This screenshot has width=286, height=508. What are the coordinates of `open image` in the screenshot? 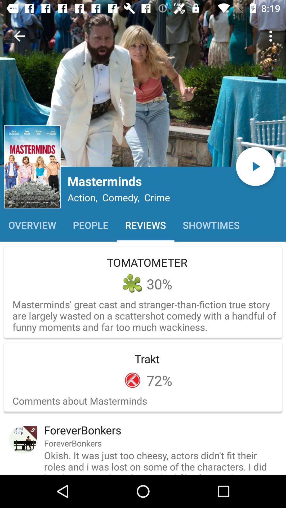 It's located at (143, 83).